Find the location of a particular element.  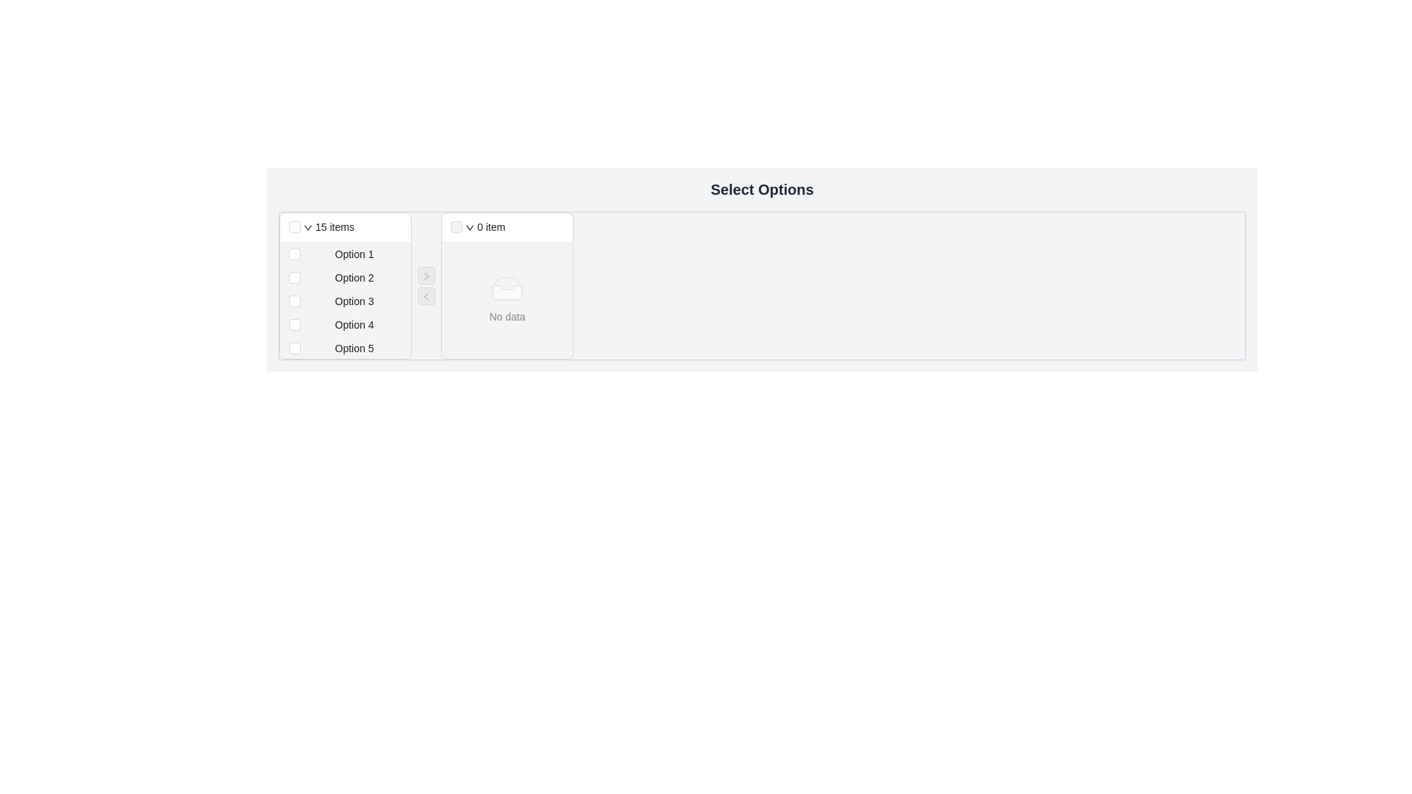

the empty state component that indicates no data is available, located within the right-hand column of the application interface is located at coordinates (507, 289).